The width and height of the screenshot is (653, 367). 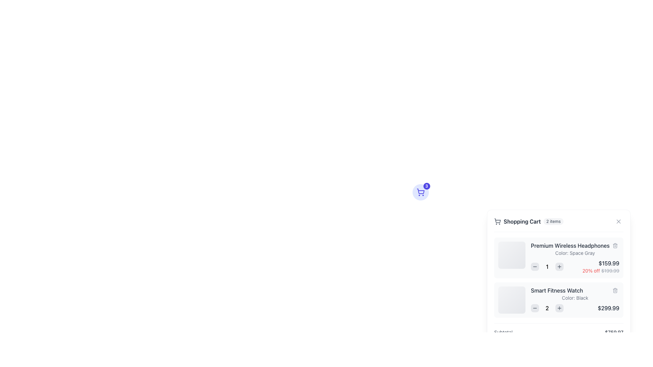 I want to click on the circular shopping cart icon with a badge displaying the number 3, so click(x=420, y=192).